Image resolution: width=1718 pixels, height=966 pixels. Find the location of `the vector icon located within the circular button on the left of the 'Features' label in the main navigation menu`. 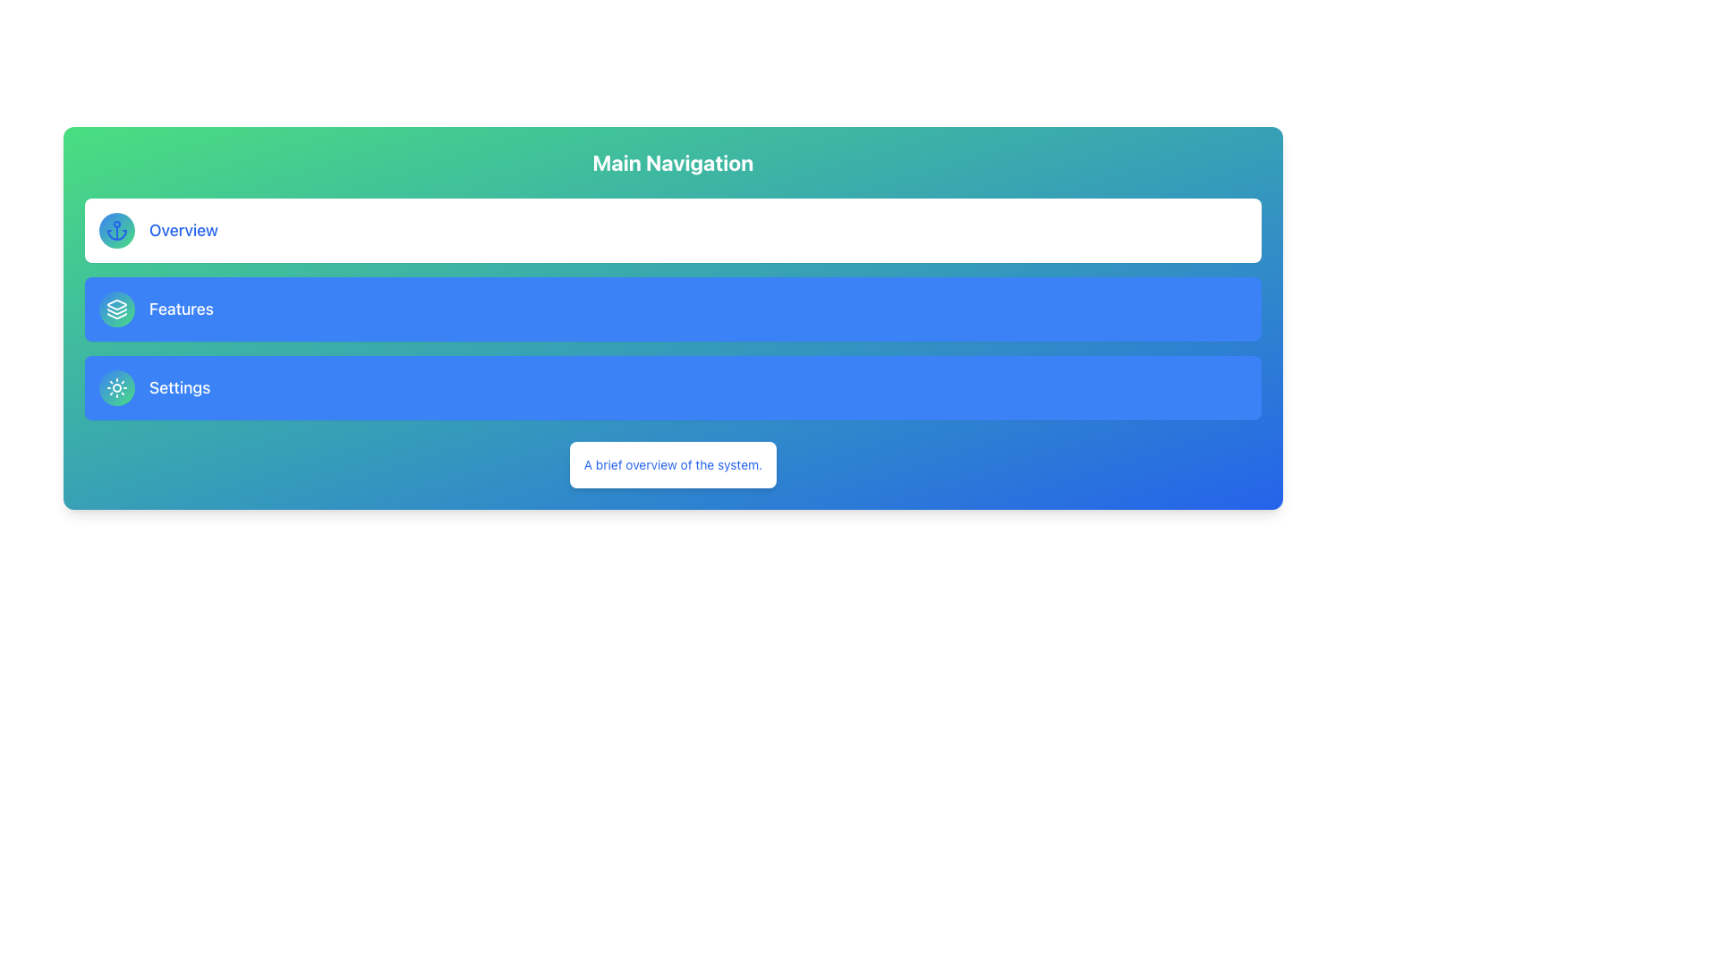

the vector icon located within the circular button on the left of the 'Features' label in the main navigation menu is located at coordinates (115, 309).